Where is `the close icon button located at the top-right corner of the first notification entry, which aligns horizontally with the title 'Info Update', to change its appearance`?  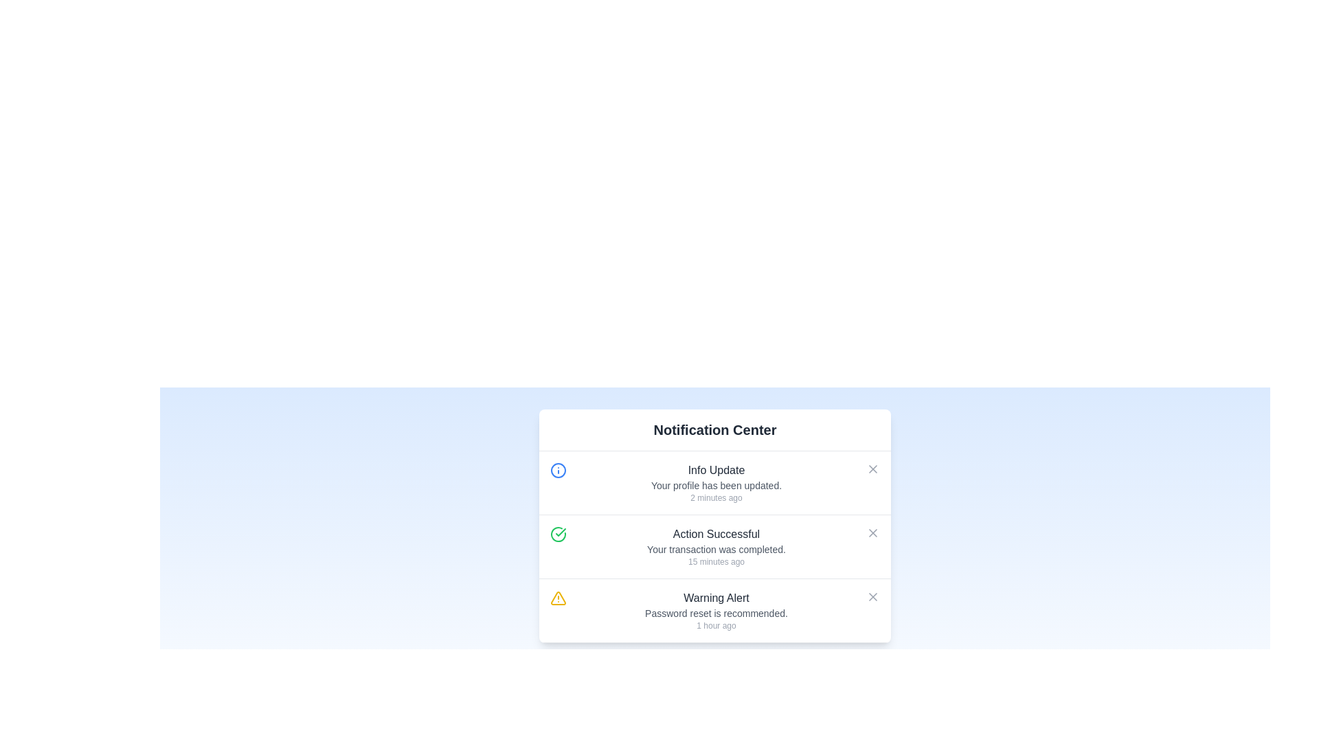
the close icon button located at the top-right corner of the first notification entry, which aligns horizontally with the title 'Info Update', to change its appearance is located at coordinates (872, 468).